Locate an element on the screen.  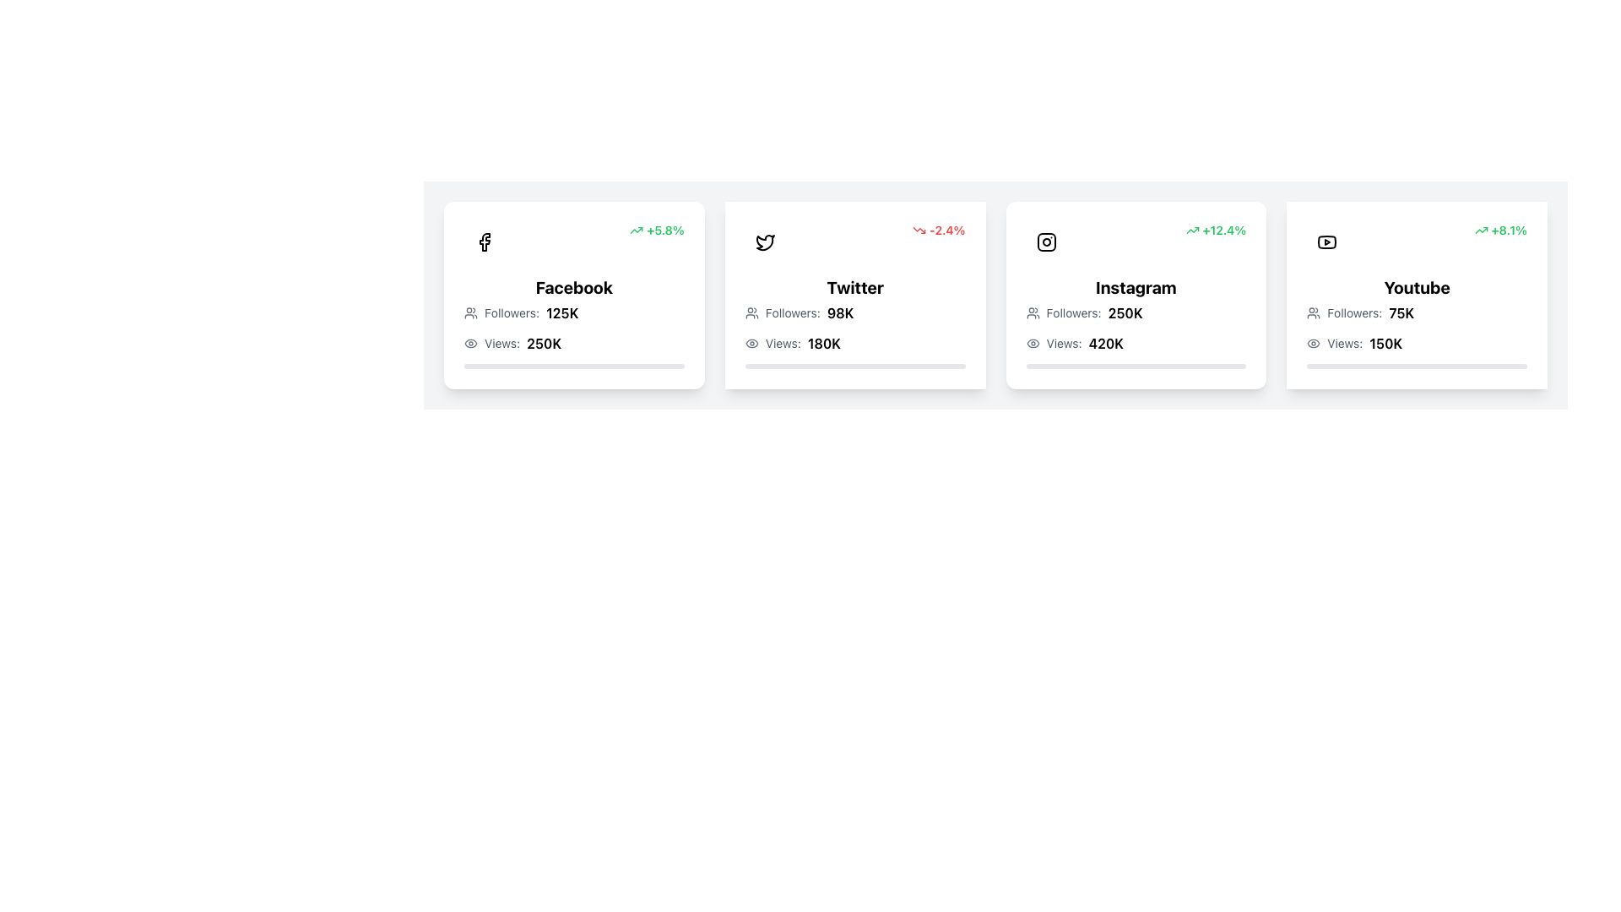
the Progress Bar located beneath the 'Views' label displaying '420K' in the Instagram card's section of social media statistics is located at coordinates (1136, 366).